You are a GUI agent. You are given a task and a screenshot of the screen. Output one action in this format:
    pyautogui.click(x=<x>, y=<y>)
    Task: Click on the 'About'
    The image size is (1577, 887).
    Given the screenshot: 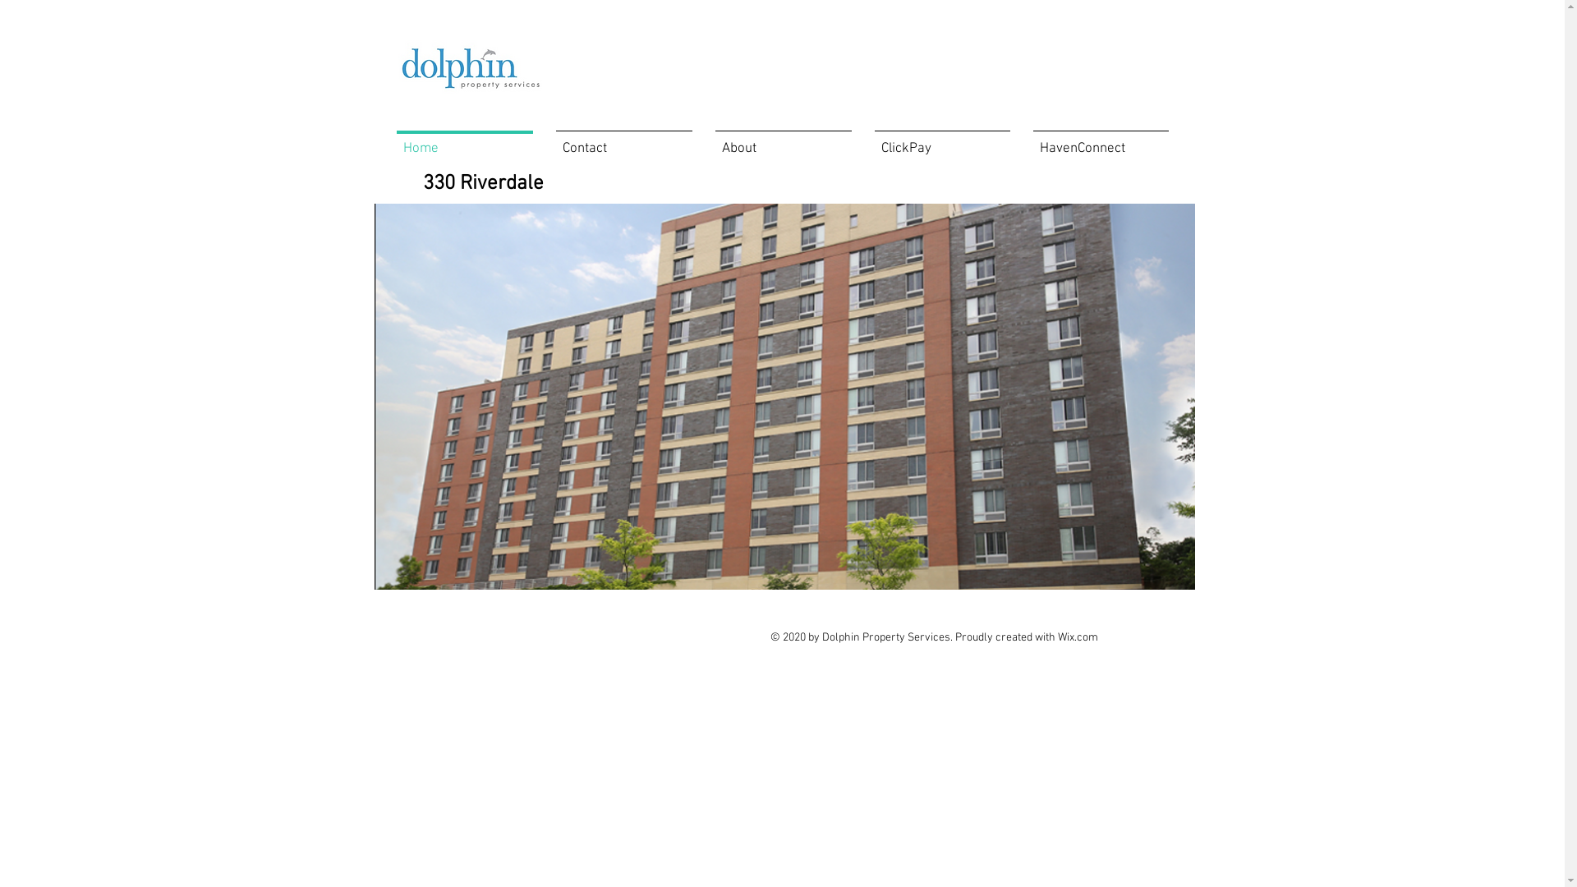 What is the action you would take?
    pyautogui.click(x=702, y=140)
    